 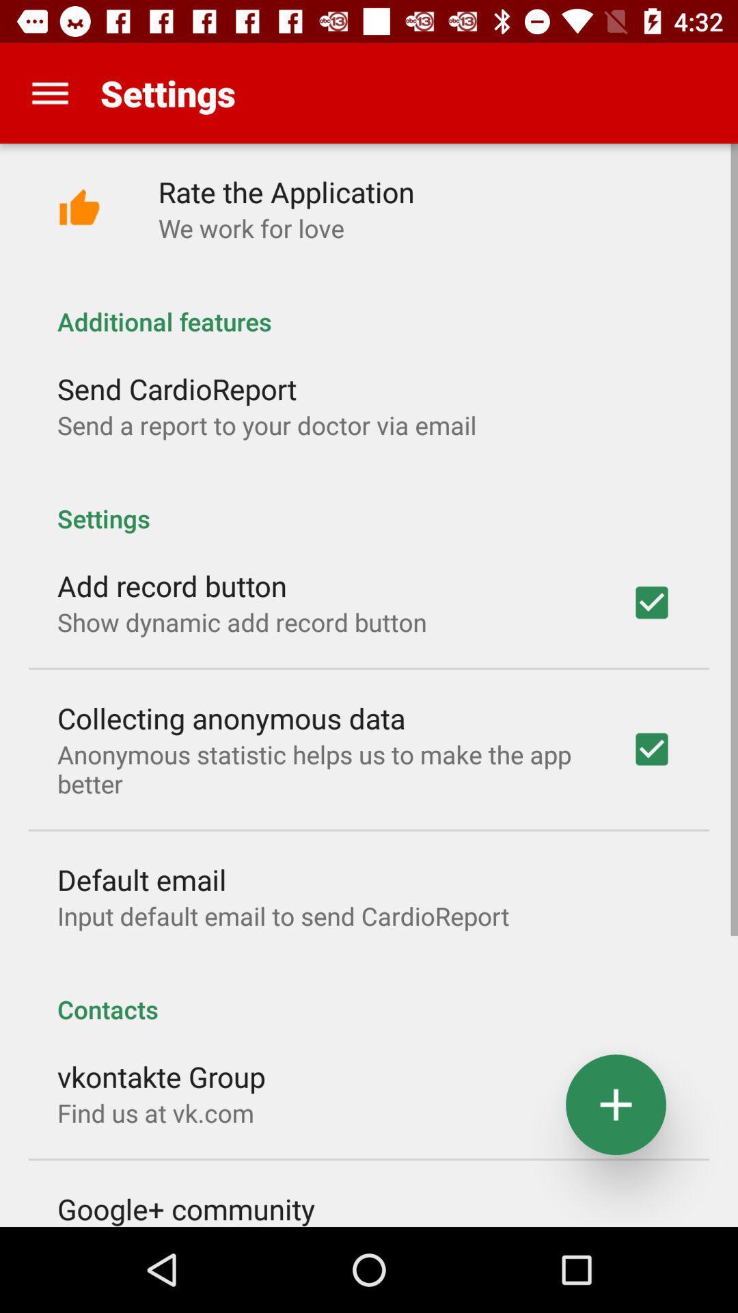 What do you see at coordinates (241, 621) in the screenshot?
I see `the app above collecting anonymous data` at bounding box center [241, 621].